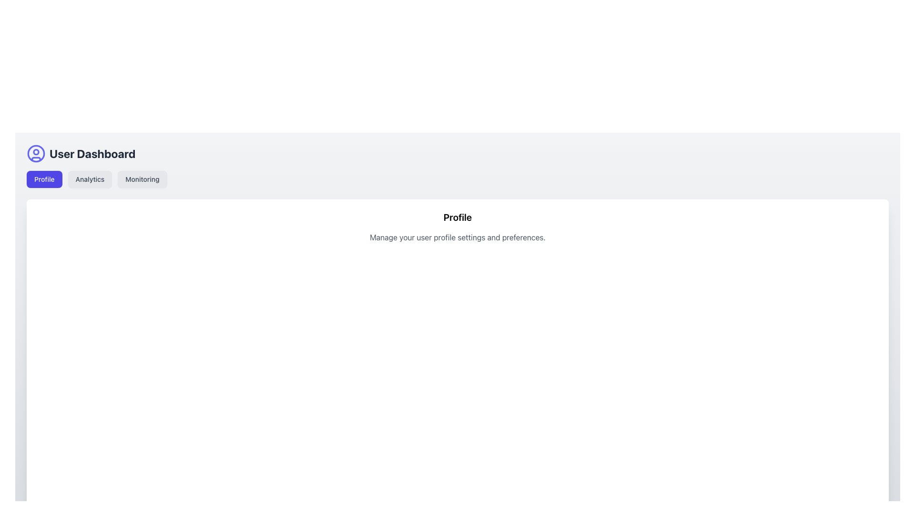 The height and width of the screenshot is (514, 915). I want to click on the blue user icon, which is a circular outline with a figure resembling a head and shoulders, located to the left of the 'User Dashboard' text, so click(36, 153).